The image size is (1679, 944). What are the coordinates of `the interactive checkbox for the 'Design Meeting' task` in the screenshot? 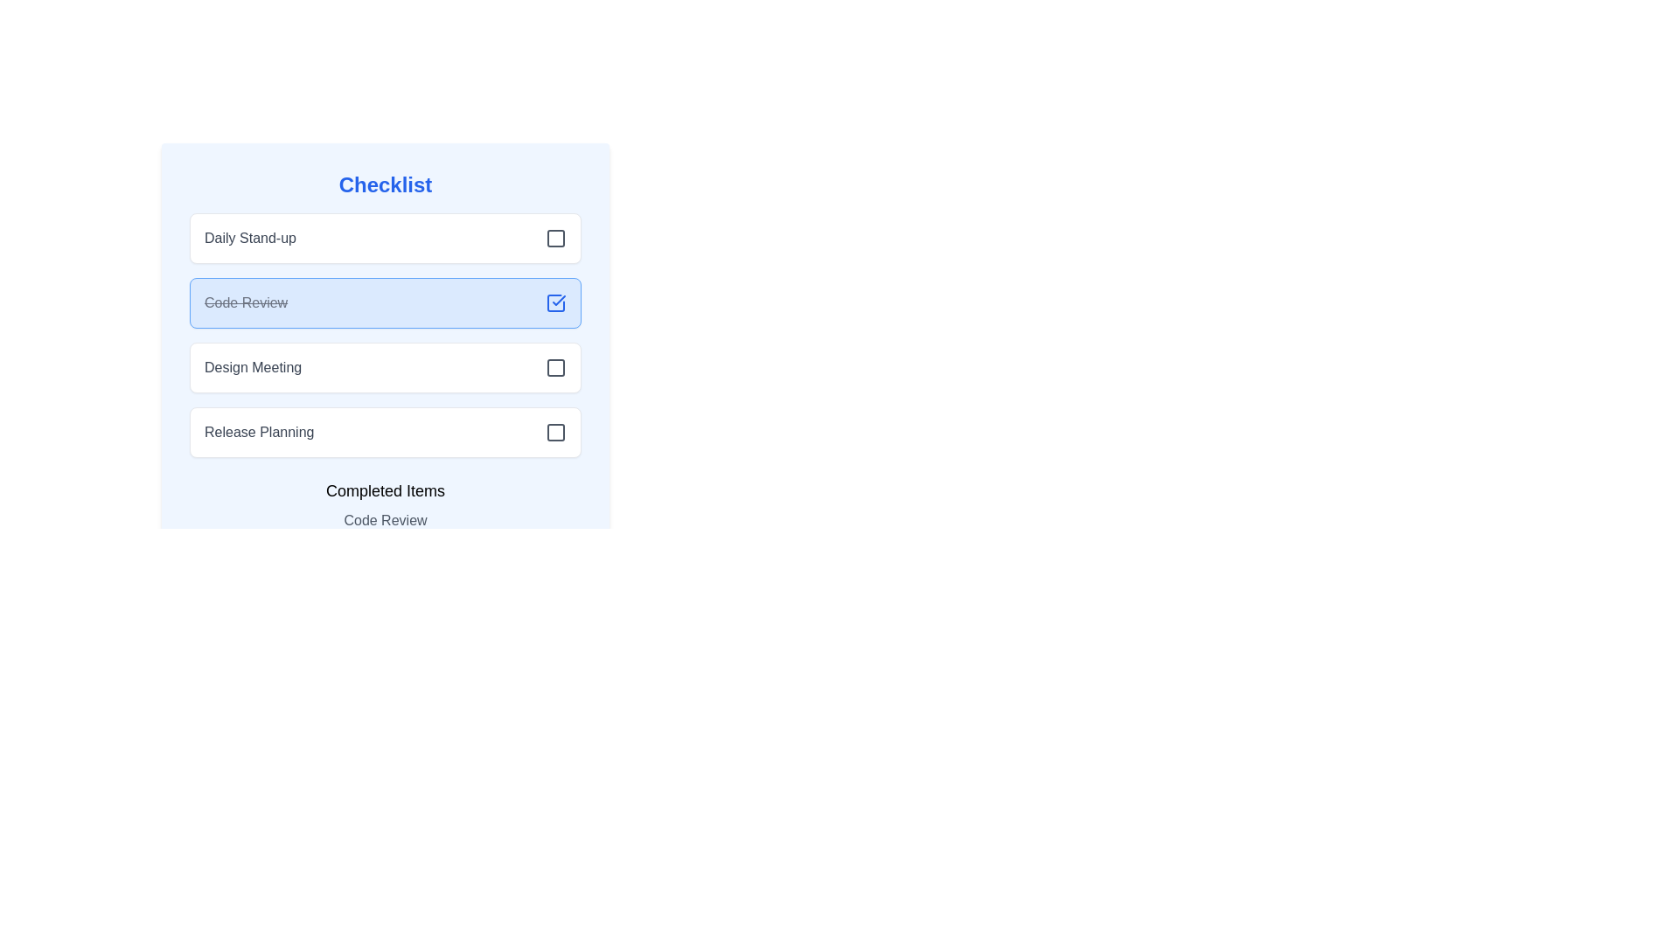 It's located at (554, 366).